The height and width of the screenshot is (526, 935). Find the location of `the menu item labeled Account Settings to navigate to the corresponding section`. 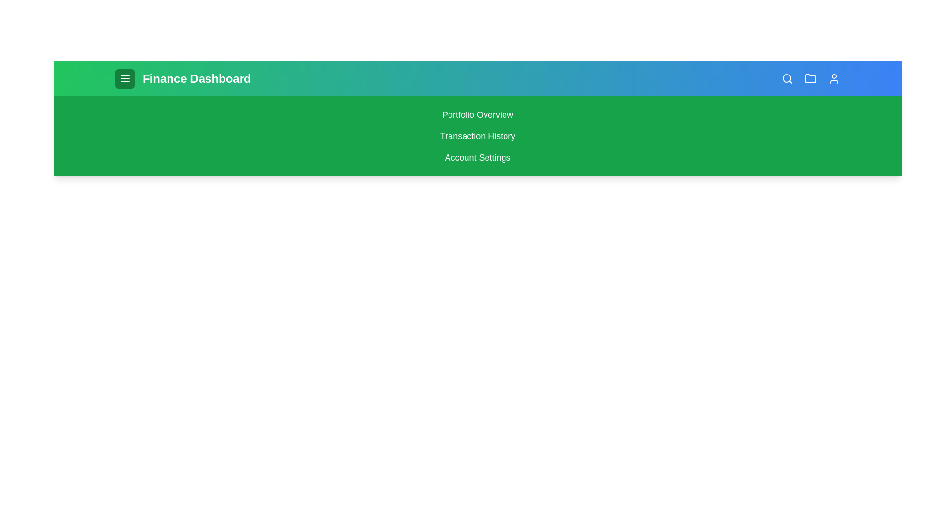

the menu item labeled Account Settings to navigate to the corresponding section is located at coordinates (477, 157).